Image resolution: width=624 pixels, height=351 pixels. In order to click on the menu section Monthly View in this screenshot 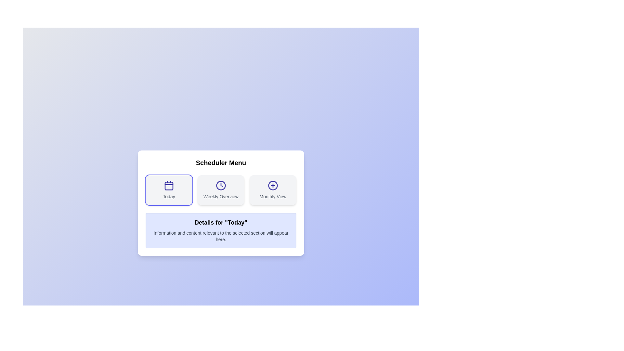, I will do `click(273, 190)`.